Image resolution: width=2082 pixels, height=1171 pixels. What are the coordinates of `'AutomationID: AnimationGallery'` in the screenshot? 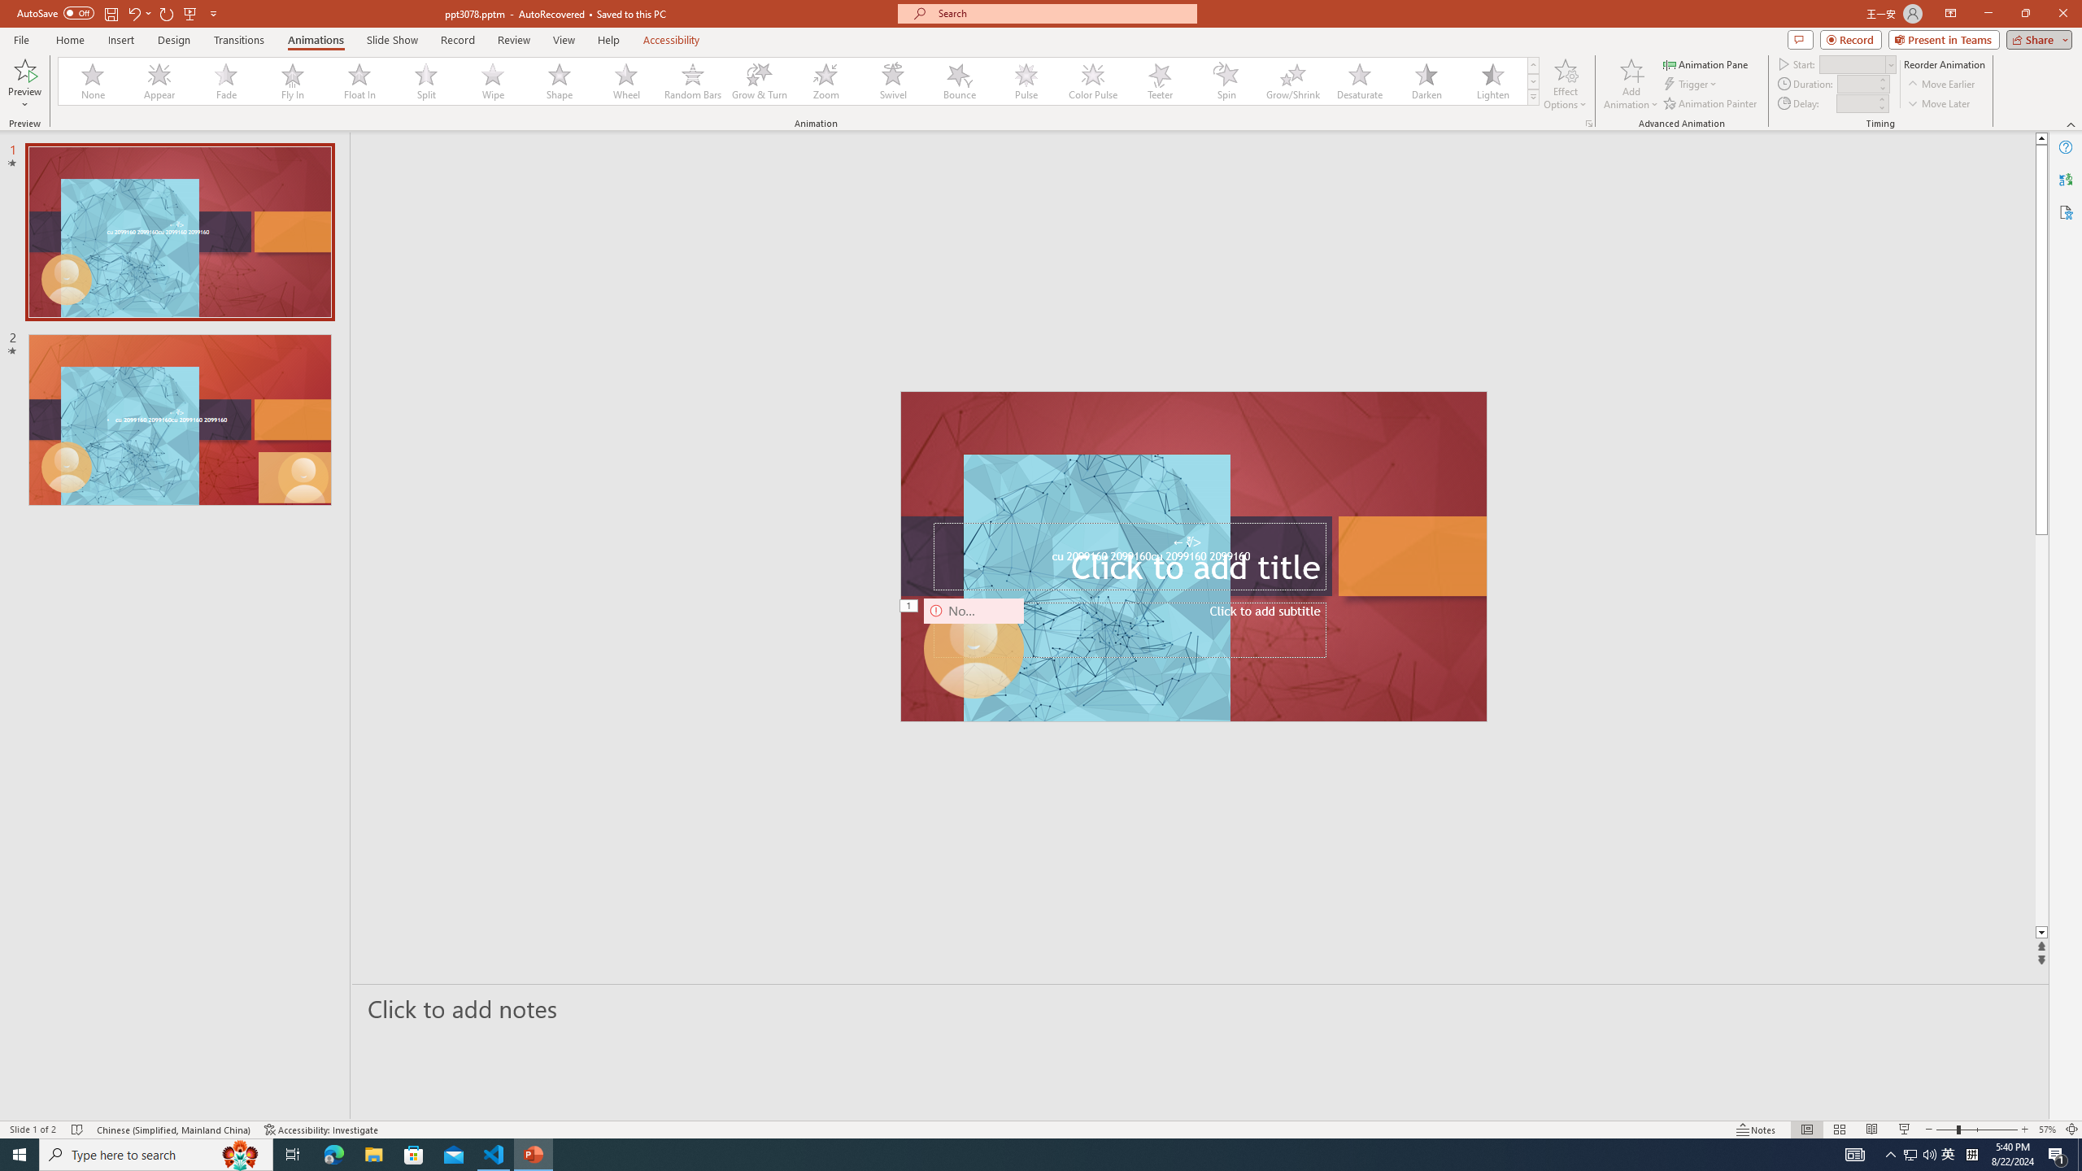 It's located at (799, 81).